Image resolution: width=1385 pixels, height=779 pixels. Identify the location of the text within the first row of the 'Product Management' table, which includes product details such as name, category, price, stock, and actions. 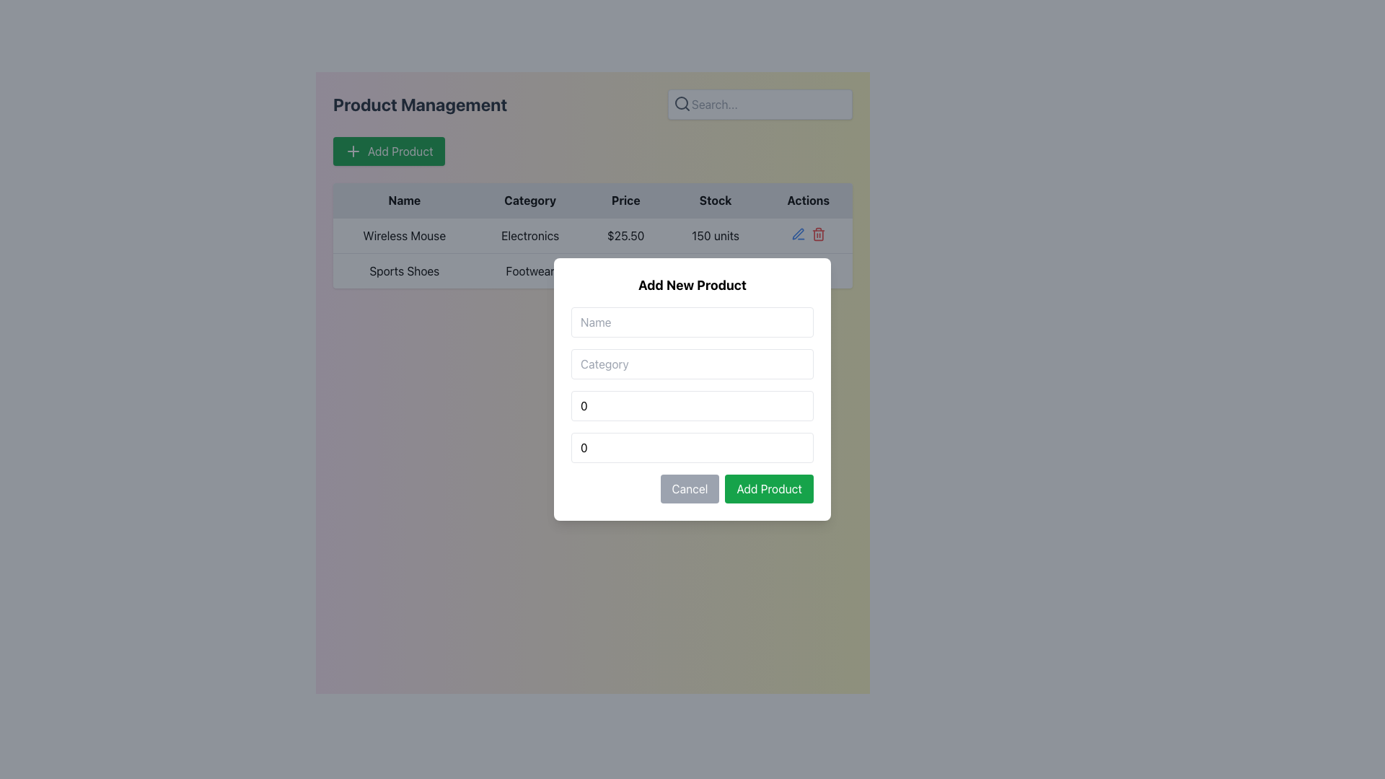
(592, 235).